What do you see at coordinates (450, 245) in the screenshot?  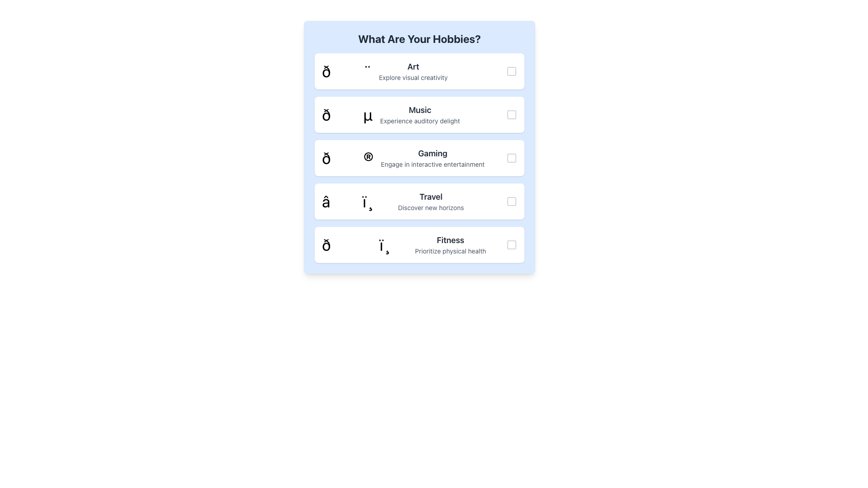 I see `the Text block element that contains the bold 'Fitness' and the smaller 'Prioritize physical health' text` at bounding box center [450, 245].